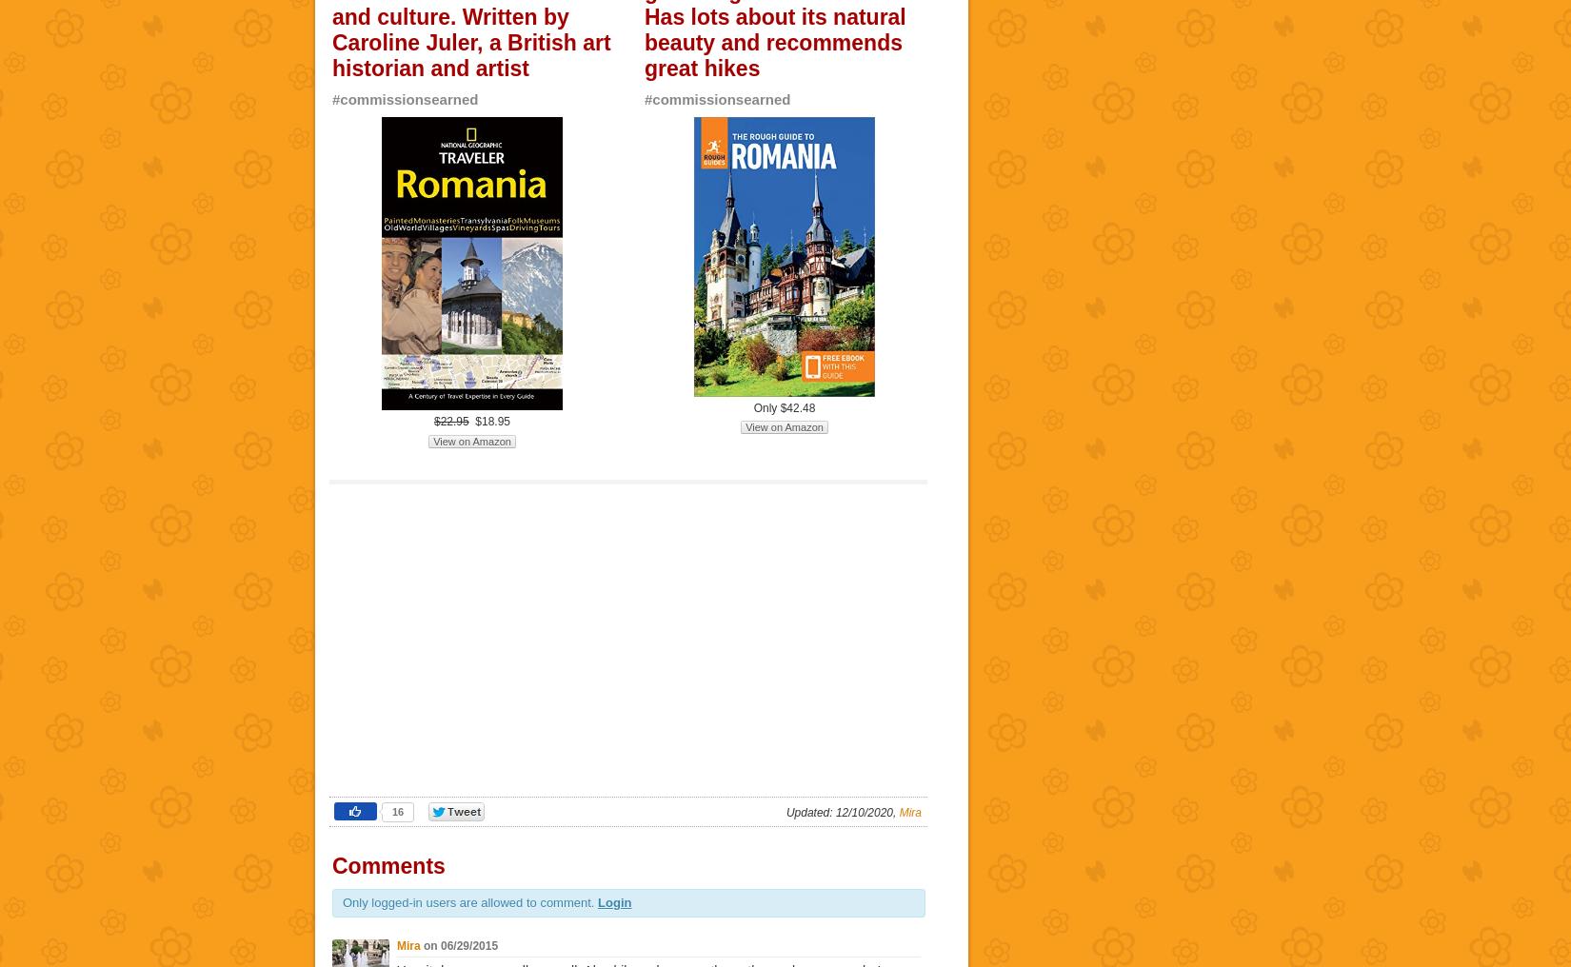  What do you see at coordinates (613, 901) in the screenshot?
I see `'Login'` at bounding box center [613, 901].